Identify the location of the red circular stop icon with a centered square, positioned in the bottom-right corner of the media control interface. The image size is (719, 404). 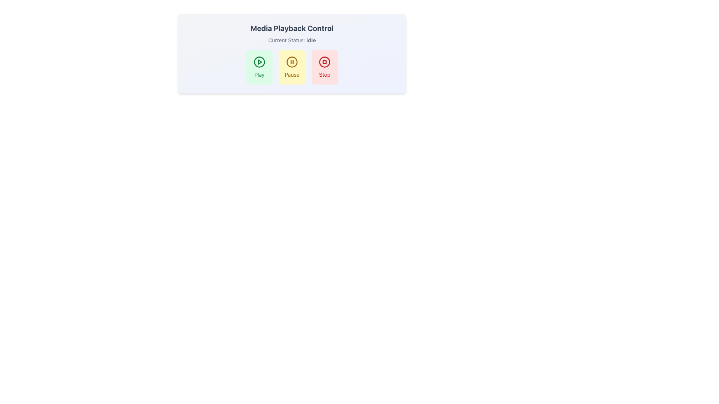
(325, 61).